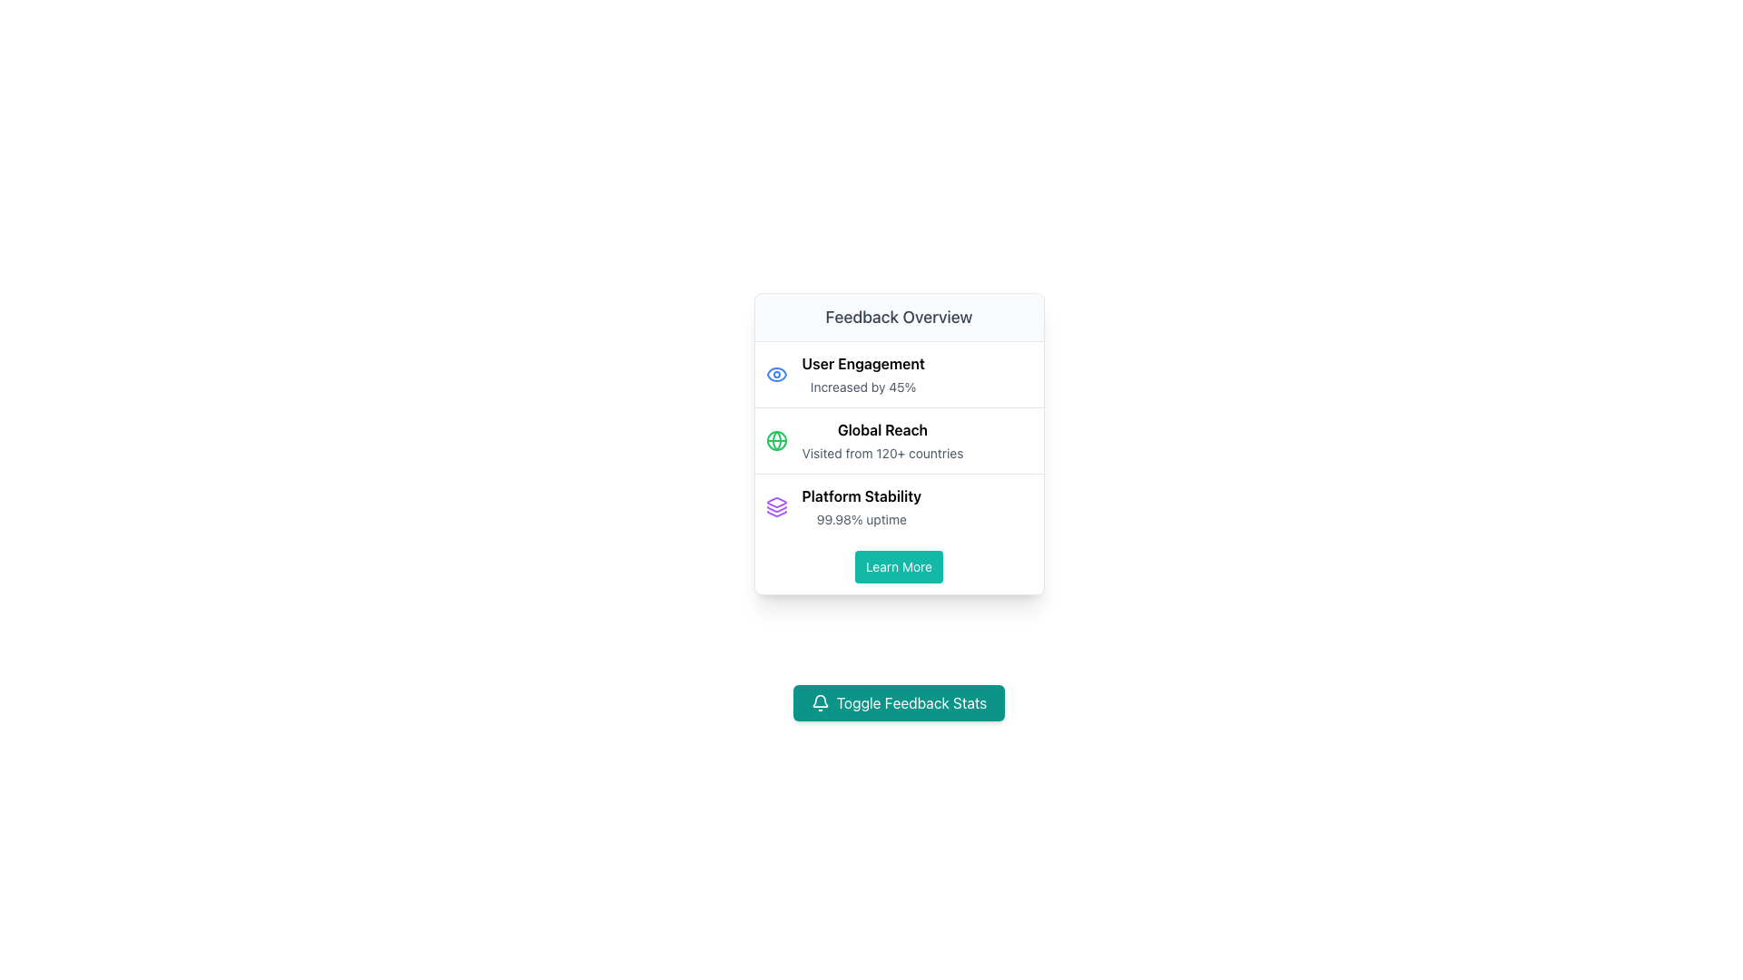 The image size is (1743, 980). What do you see at coordinates (899, 440) in the screenshot?
I see `the informational section that summarizes the global reach of the platform, positioned below the 'User Engagement' section and above the 'Platform Stability' section` at bounding box center [899, 440].